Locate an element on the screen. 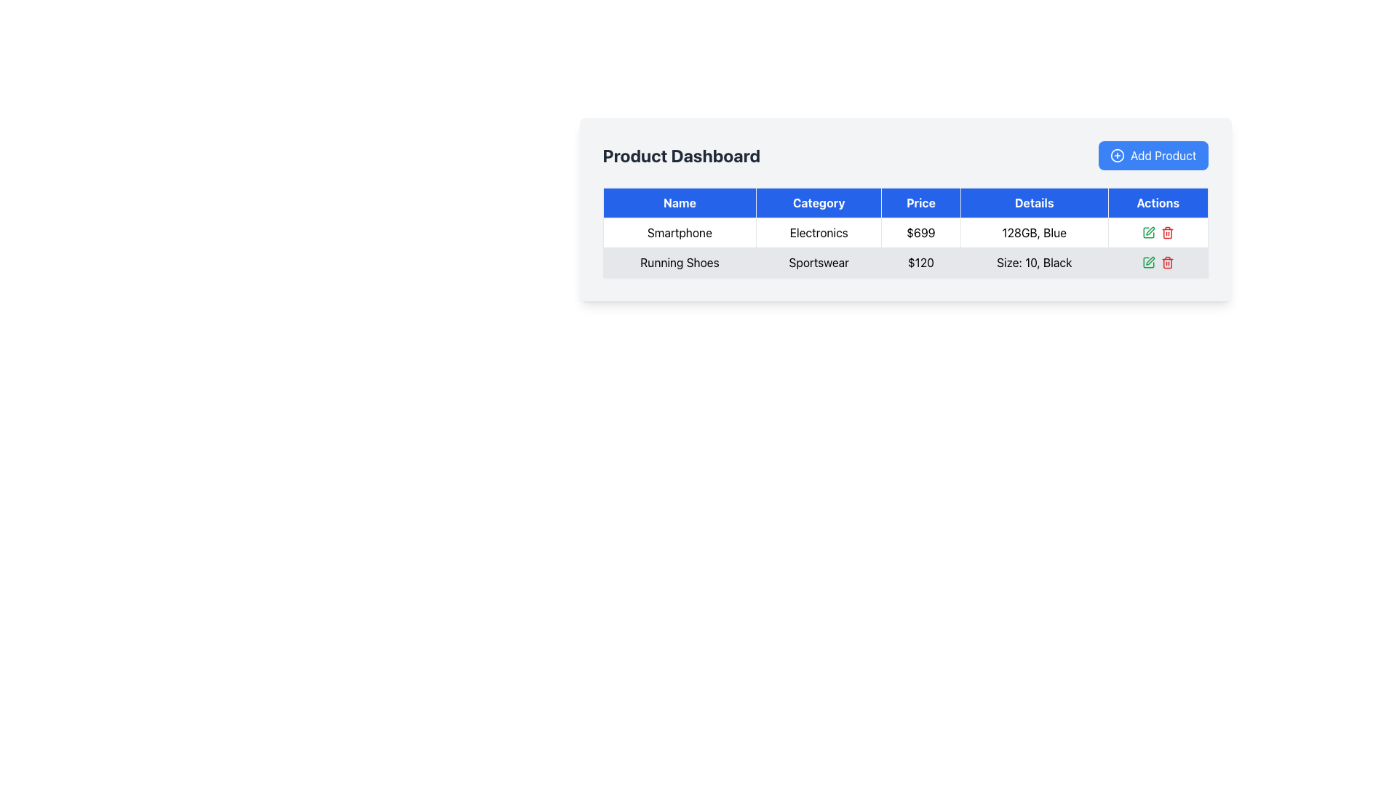 This screenshot has height=786, width=1397. the trash icon button located at the far right in the 'Actions' column is located at coordinates (1167, 263).